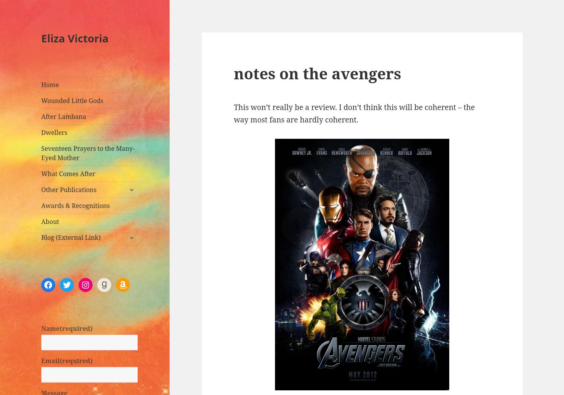 The image size is (564, 395). Describe the element at coordinates (317, 73) in the screenshot. I see `'notes on the avengers'` at that location.